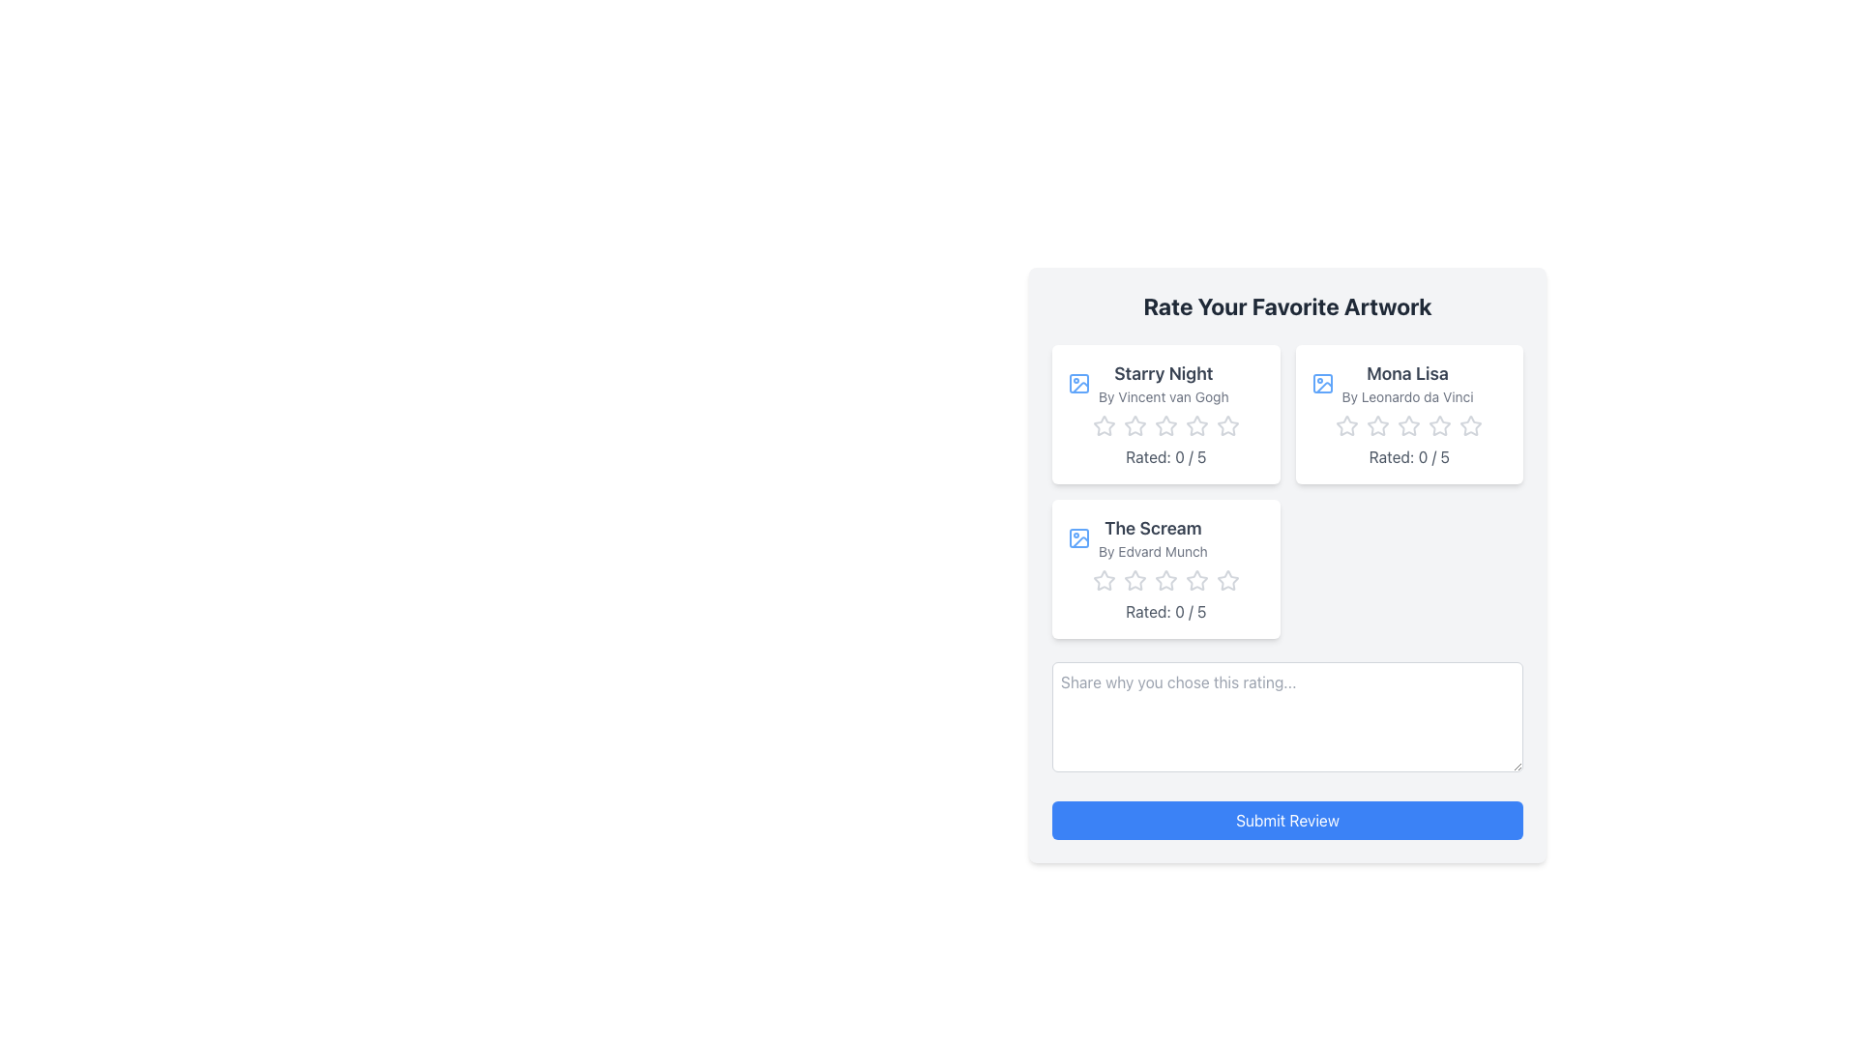 The height and width of the screenshot is (1044, 1857). What do you see at coordinates (1321, 384) in the screenshot?
I see `the decorative rectangle that serves as the border or background of the image icon located to the left of the text 'Mona Lisa' in the 'Rate Your Favorite Artwork' section` at bounding box center [1321, 384].